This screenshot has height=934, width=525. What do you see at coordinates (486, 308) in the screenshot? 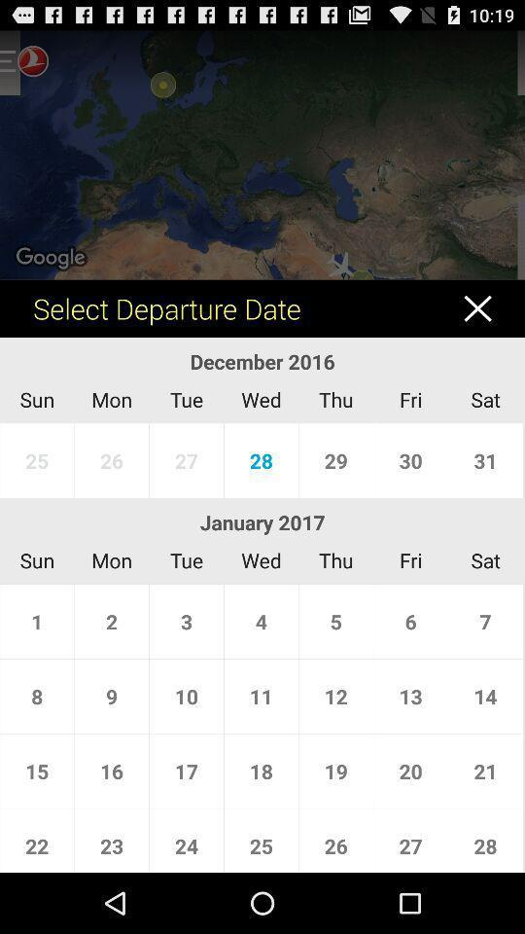
I see `tag` at bounding box center [486, 308].